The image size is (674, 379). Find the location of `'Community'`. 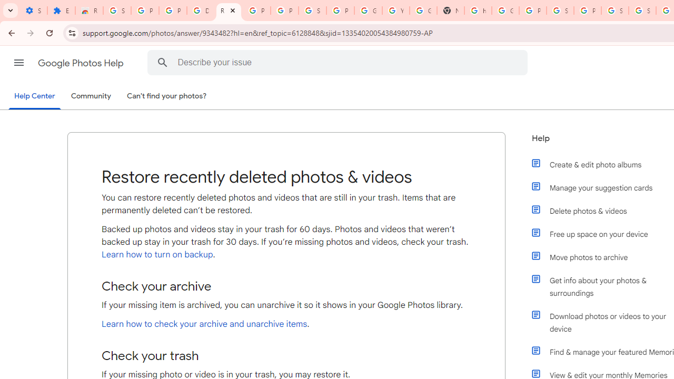

'Community' is located at coordinates (91, 96).